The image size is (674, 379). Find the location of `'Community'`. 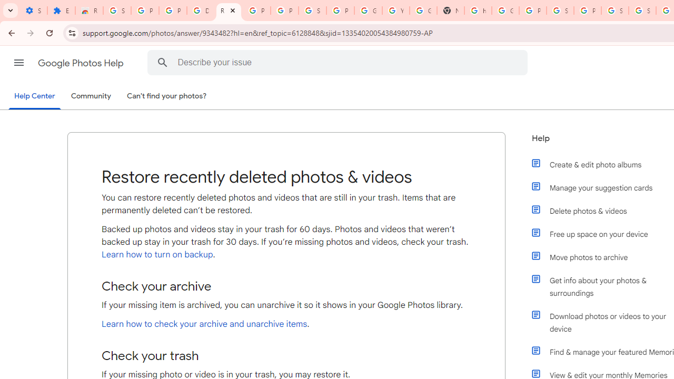

'Community' is located at coordinates (91, 96).